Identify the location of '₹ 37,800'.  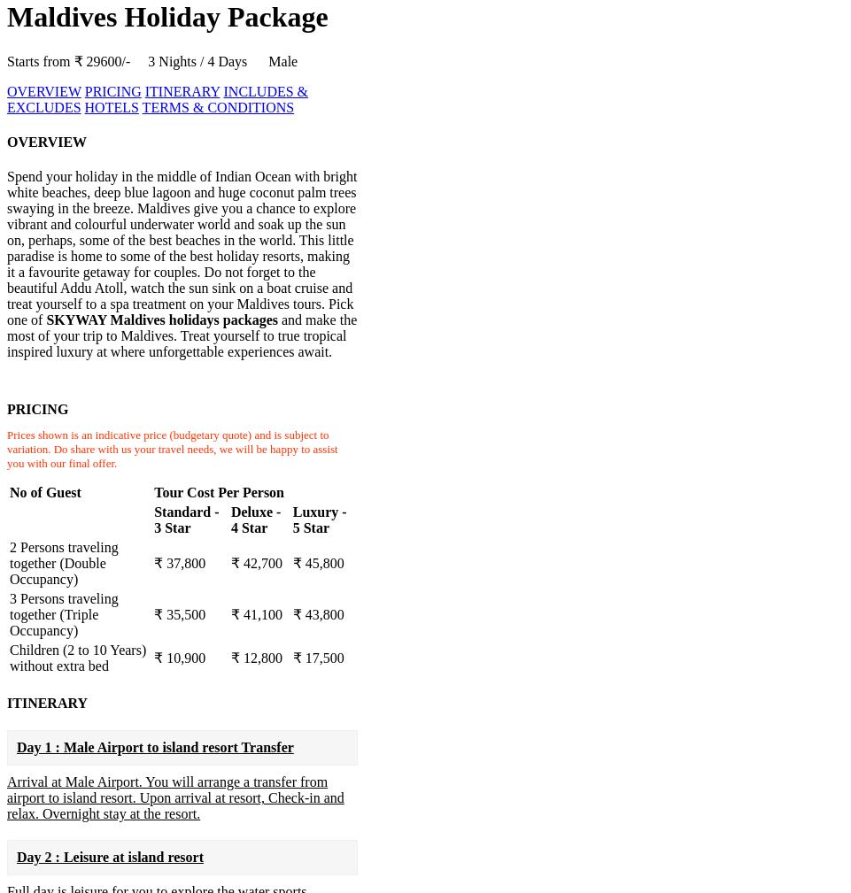
(154, 563).